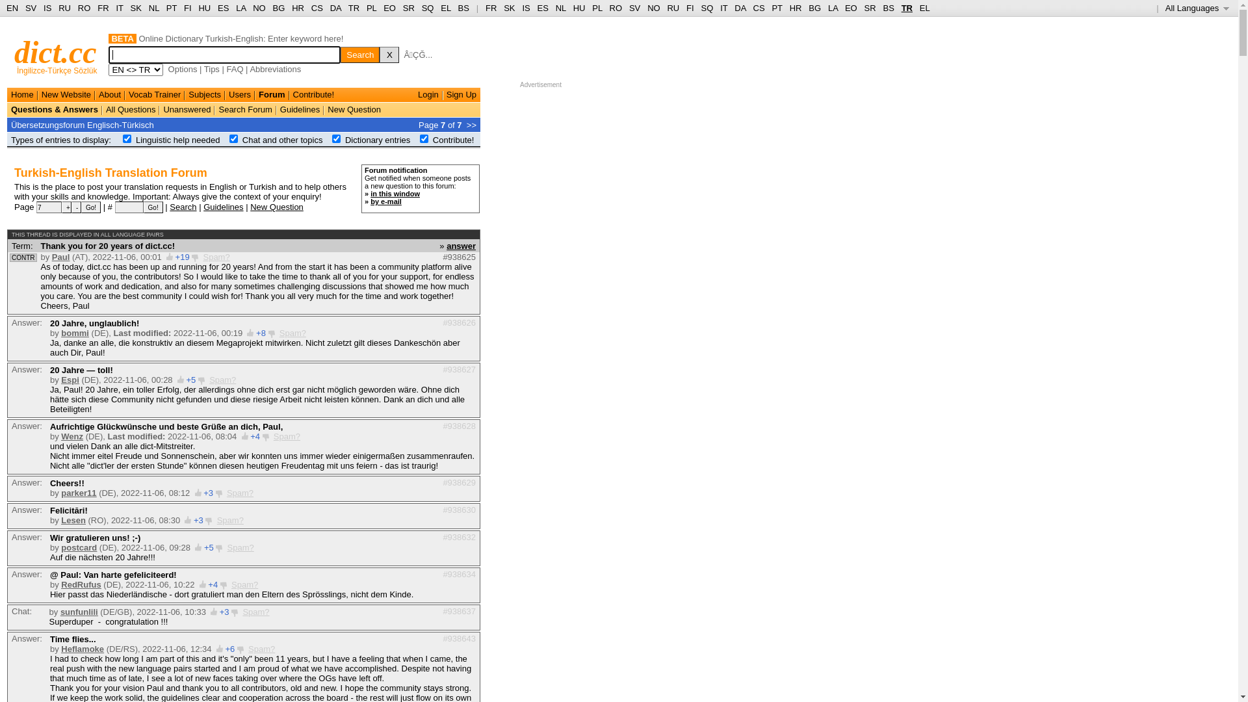 The width and height of the screenshot is (1248, 702). What do you see at coordinates (185, 380) in the screenshot?
I see `'+5'` at bounding box center [185, 380].